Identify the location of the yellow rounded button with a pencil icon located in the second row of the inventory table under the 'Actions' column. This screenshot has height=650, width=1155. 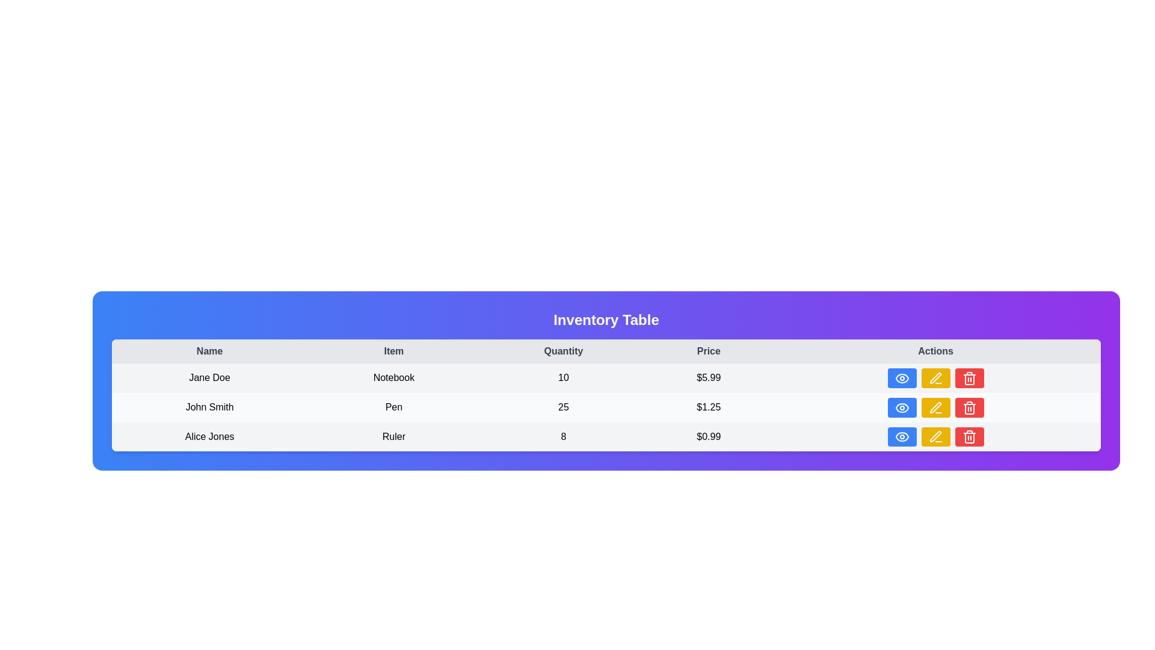
(935, 377).